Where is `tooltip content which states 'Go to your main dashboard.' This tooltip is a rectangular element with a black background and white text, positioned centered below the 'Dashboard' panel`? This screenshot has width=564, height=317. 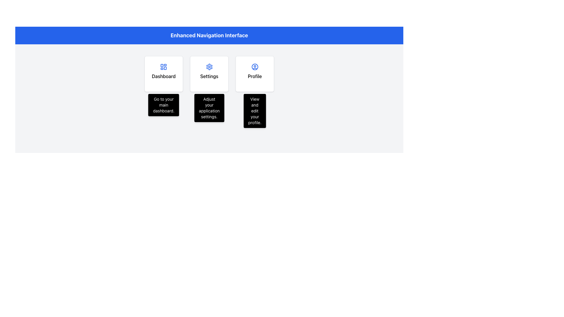
tooltip content which states 'Go to your main dashboard.' This tooltip is a rectangular element with a black background and white text, positioned centered below the 'Dashboard' panel is located at coordinates (164, 105).